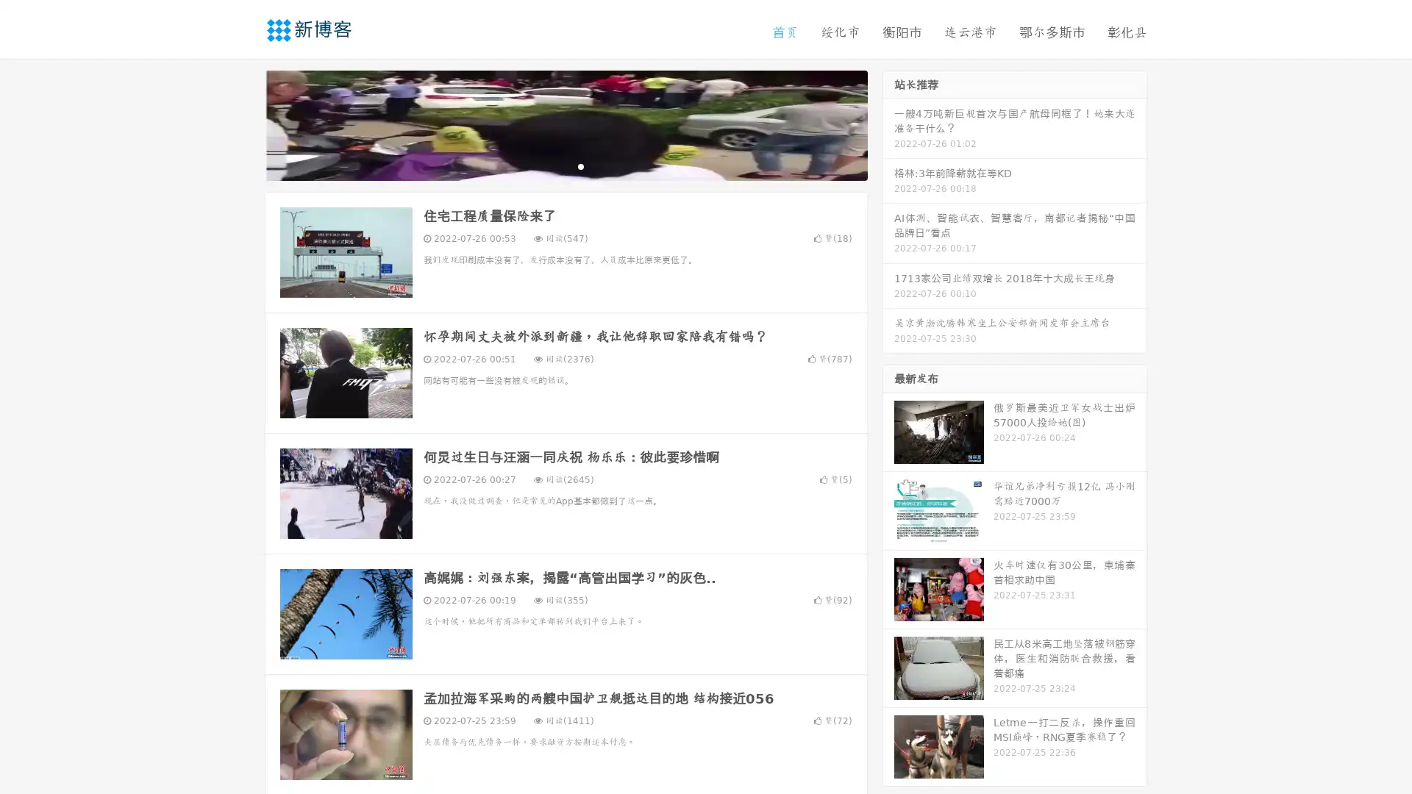 This screenshot has height=794, width=1412. What do you see at coordinates (565, 165) in the screenshot?
I see `Go to slide 2` at bounding box center [565, 165].